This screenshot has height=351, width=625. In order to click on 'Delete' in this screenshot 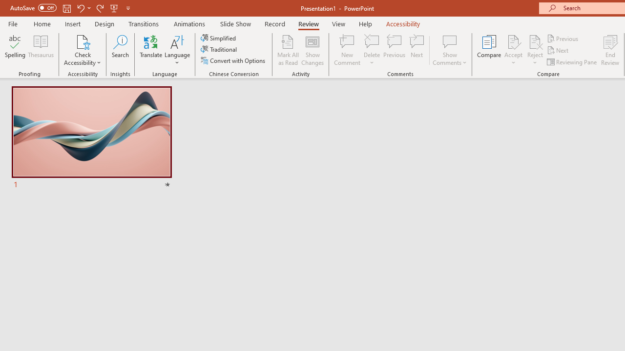, I will do `click(372, 50)`.